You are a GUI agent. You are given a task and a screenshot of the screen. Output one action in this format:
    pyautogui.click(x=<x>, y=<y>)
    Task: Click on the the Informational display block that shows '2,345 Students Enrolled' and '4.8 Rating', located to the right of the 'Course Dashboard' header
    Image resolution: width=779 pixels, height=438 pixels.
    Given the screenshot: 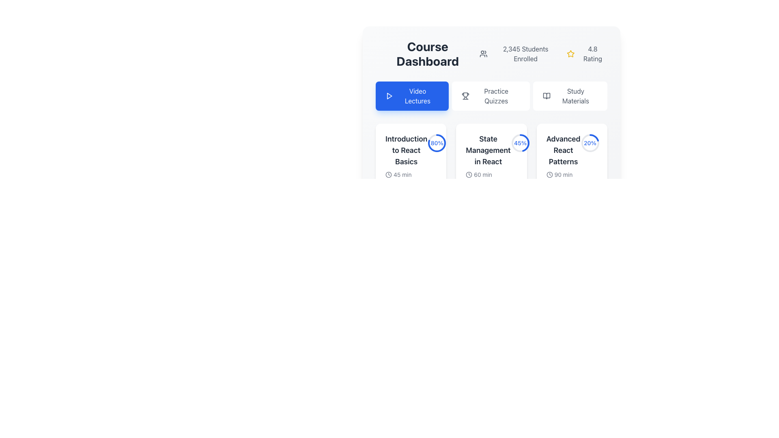 What is the action you would take?
    pyautogui.click(x=543, y=54)
    